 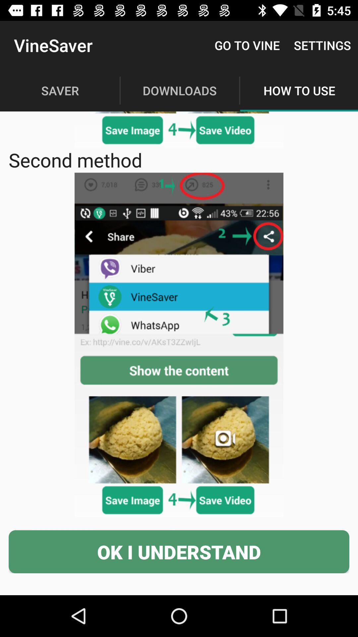 I want to click on the go to vine icon, so click(x=247, y=45).